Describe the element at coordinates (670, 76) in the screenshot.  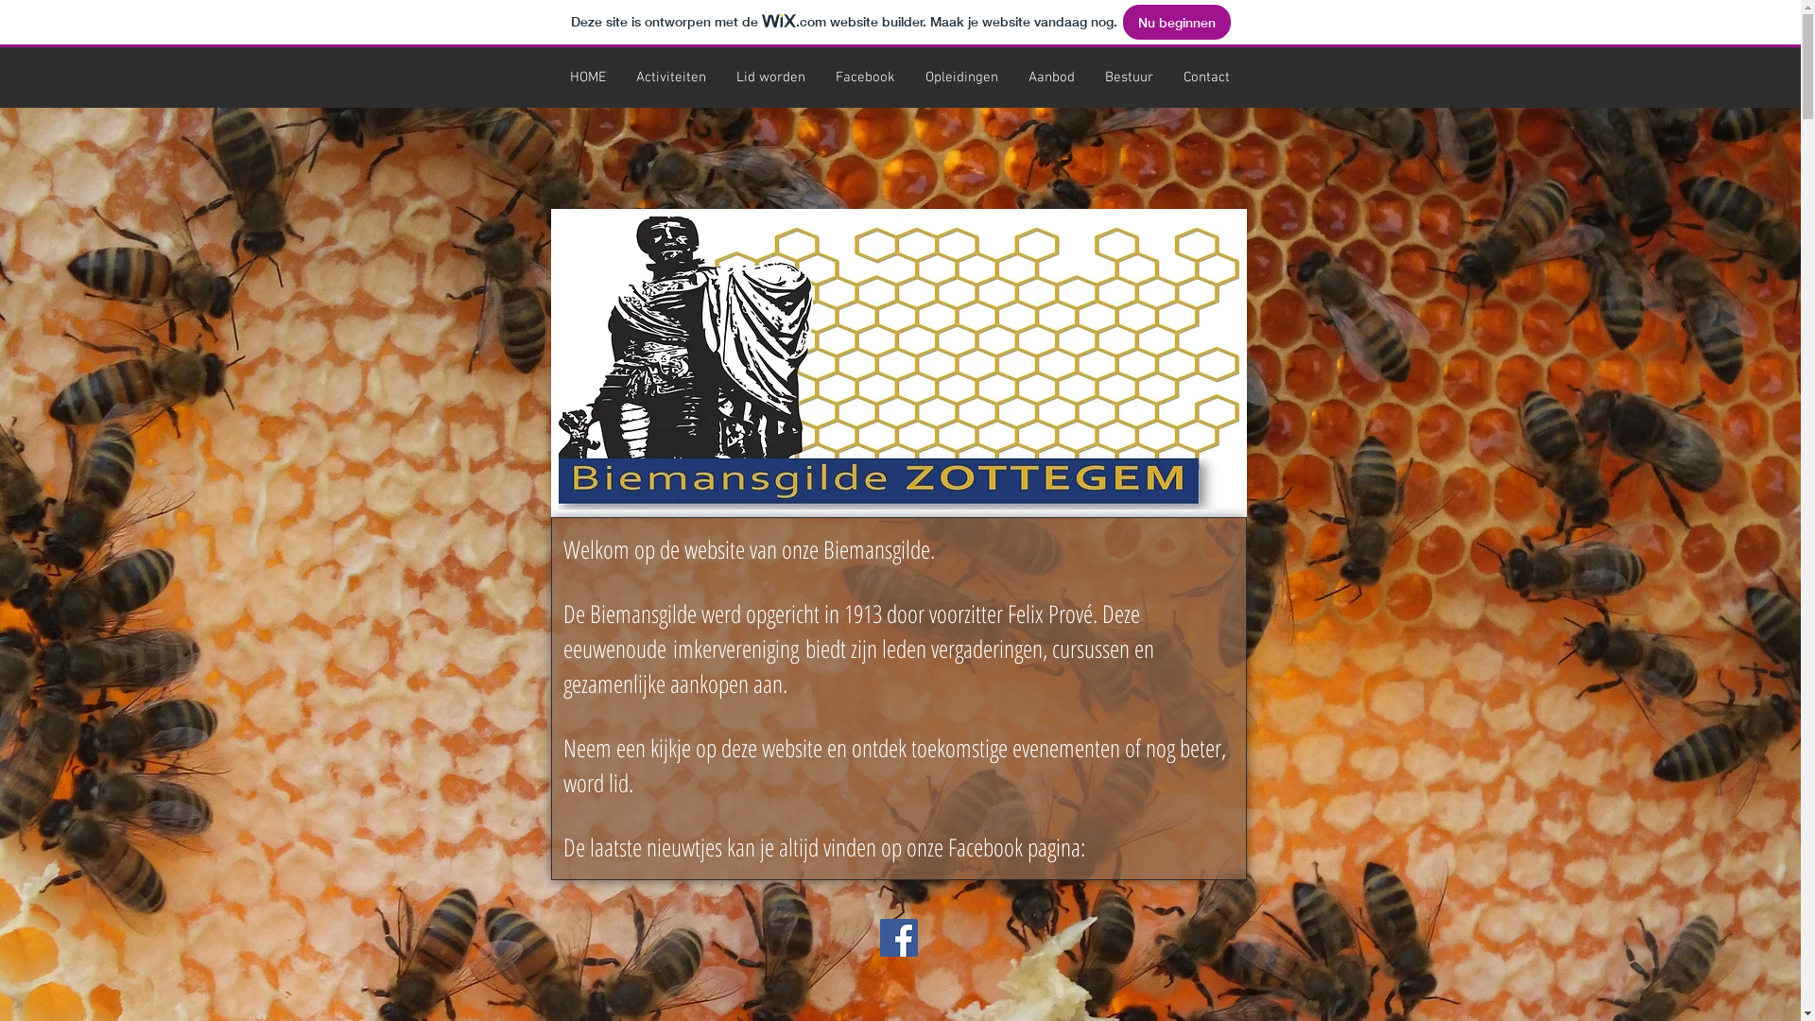
I see `'Activiteiten'` at that location.